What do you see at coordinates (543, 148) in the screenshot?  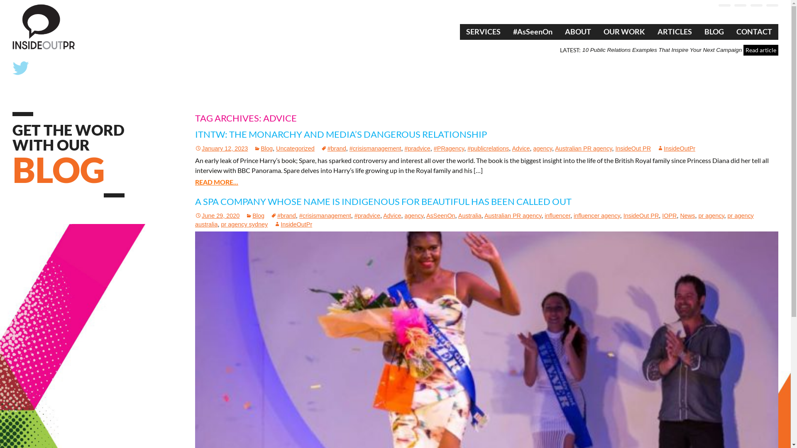 I see `'agency'` at bounding box center [543, 148].